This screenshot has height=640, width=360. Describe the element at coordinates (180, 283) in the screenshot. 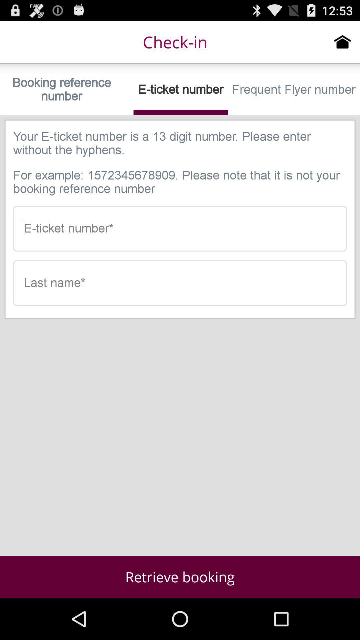

I see `text box` at that location.